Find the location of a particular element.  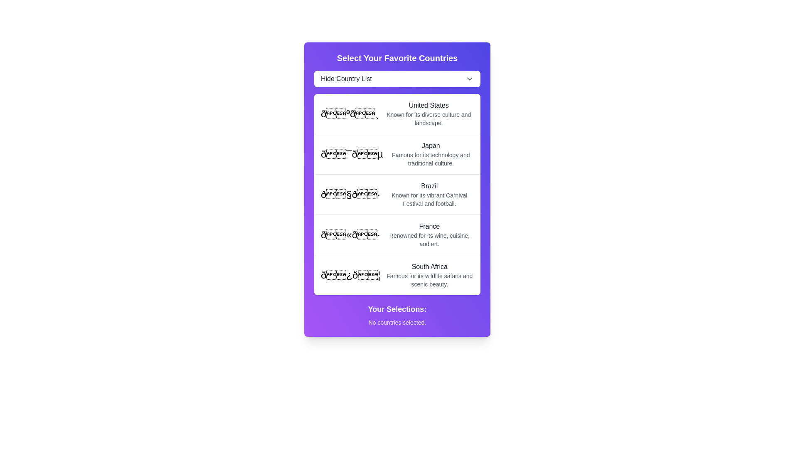

the emoji representation of the country's flag, which is styled in a large font size and located on the left side of the Japan item entry is located at coordinates (352, 154).